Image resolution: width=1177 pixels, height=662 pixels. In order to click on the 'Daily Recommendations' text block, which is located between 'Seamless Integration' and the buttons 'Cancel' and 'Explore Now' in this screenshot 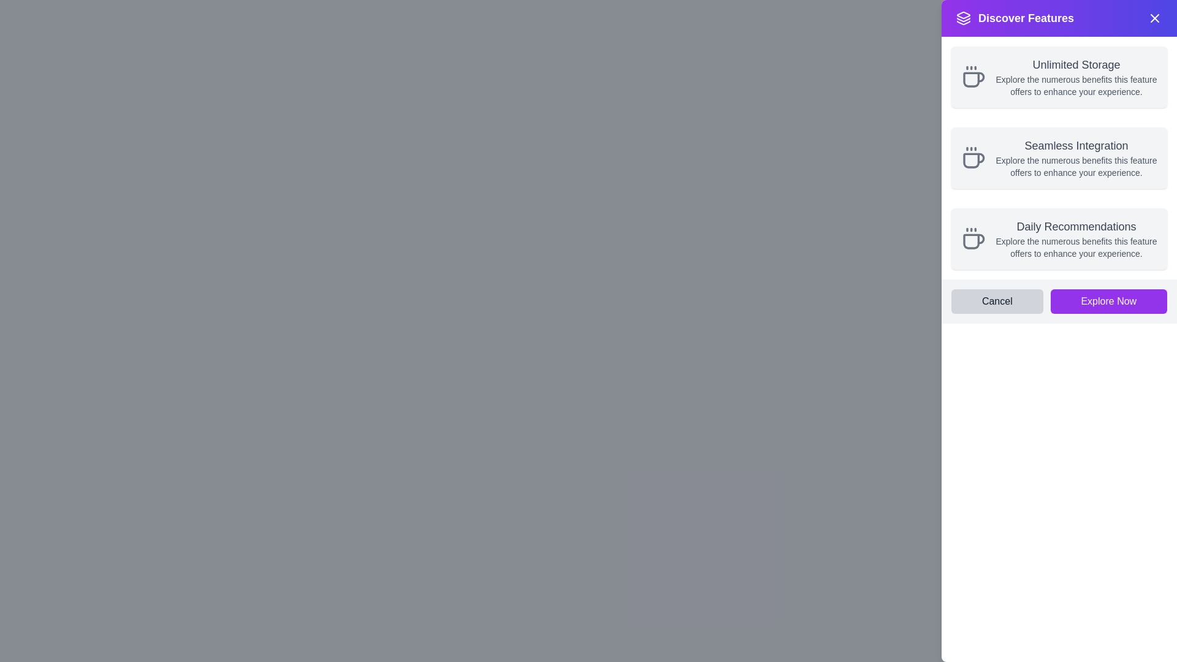, I will do `click(1076, 238)`.